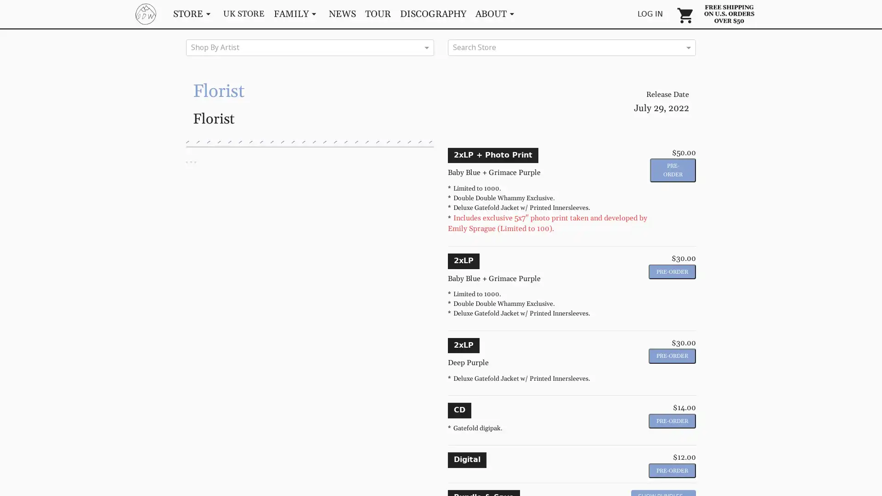 This screenshot has width=882, height=496. Describe the element at coordinates (672, 271) in the screenshot. I see `Pre-Order` at that location.